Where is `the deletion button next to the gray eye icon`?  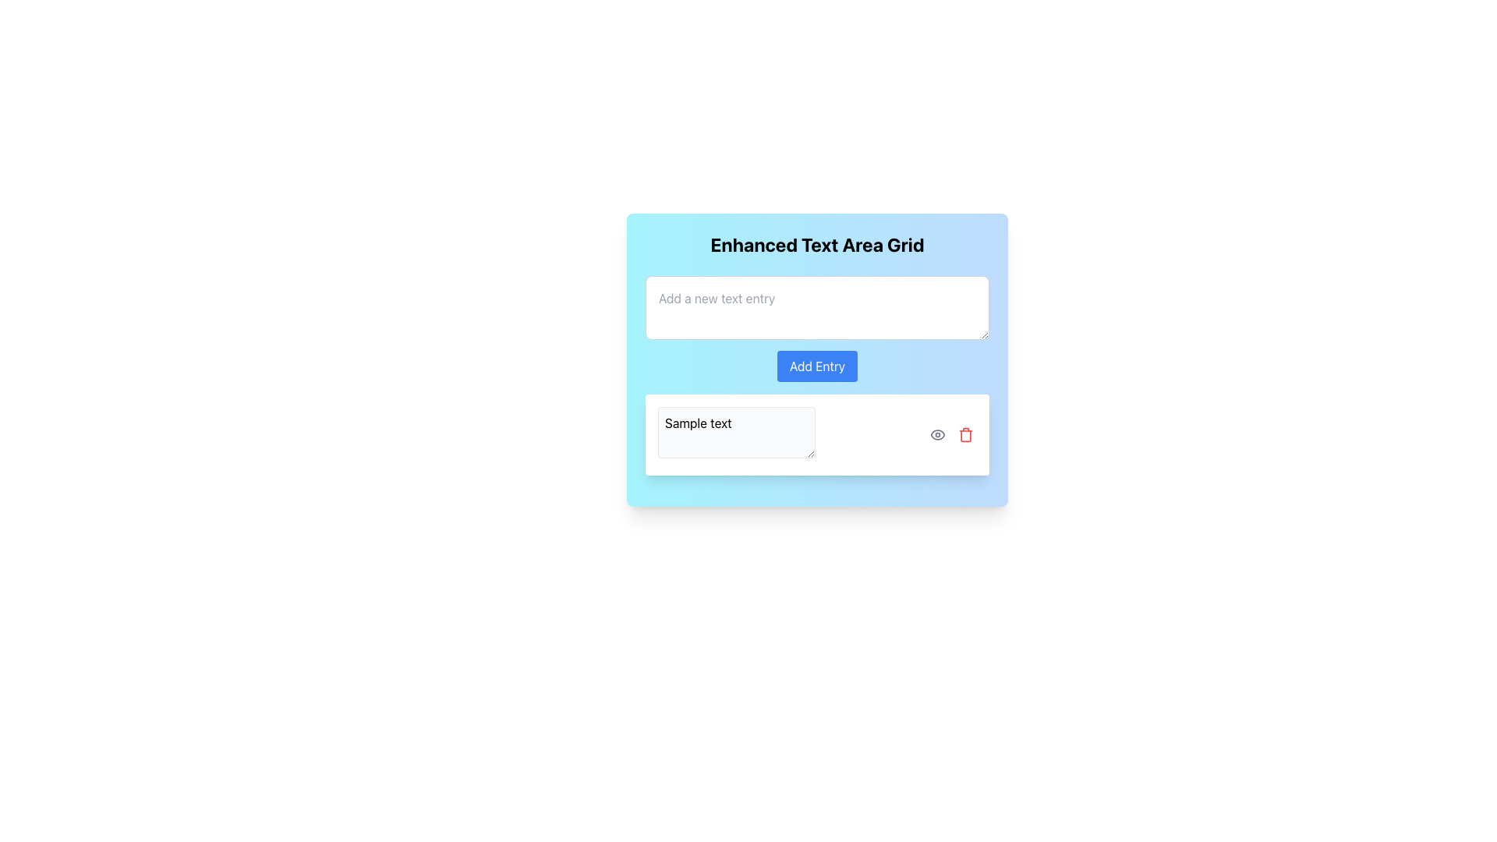 the deletion button next to the gray eye icon is located at coordinates (964, 435).